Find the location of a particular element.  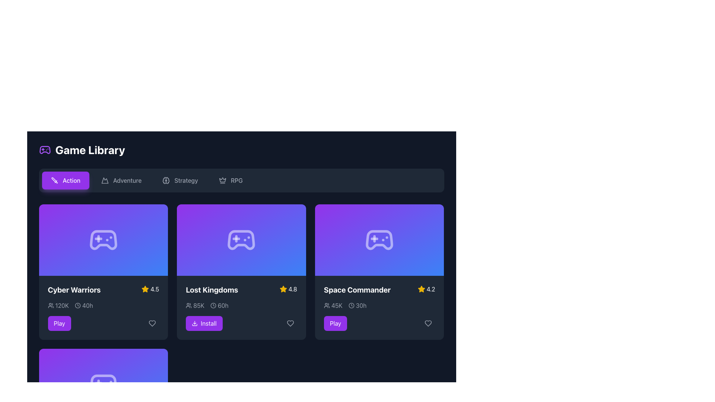

the star icon used for rating in the game 'Space Commander', which is yellow with a clear silhouette and located to the left of the numeric rating '4.2' is located at coordinates (421, 288).